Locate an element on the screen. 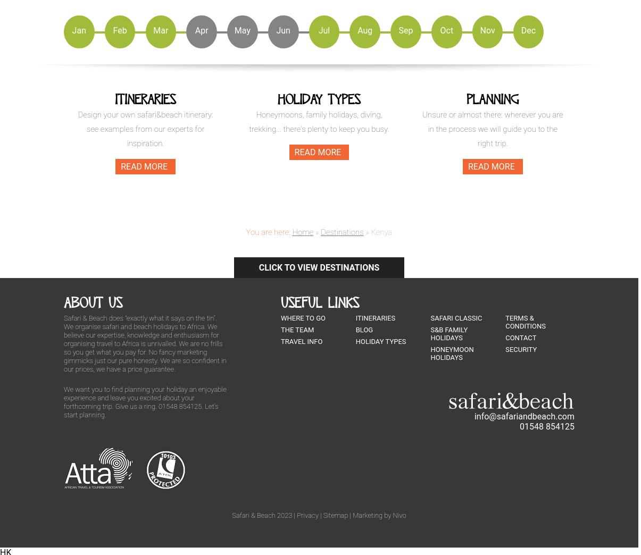 The height and width of the screenshot is (555, 641). 'Kenya' is located at coordinates (381, 231).